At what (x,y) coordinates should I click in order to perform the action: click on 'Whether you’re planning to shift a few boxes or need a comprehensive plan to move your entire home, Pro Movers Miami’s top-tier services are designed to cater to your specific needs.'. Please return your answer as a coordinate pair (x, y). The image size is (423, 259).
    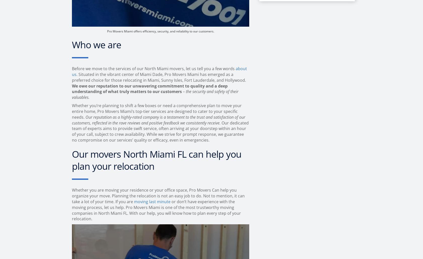
    Looking at the image, I should click on (157, 111).